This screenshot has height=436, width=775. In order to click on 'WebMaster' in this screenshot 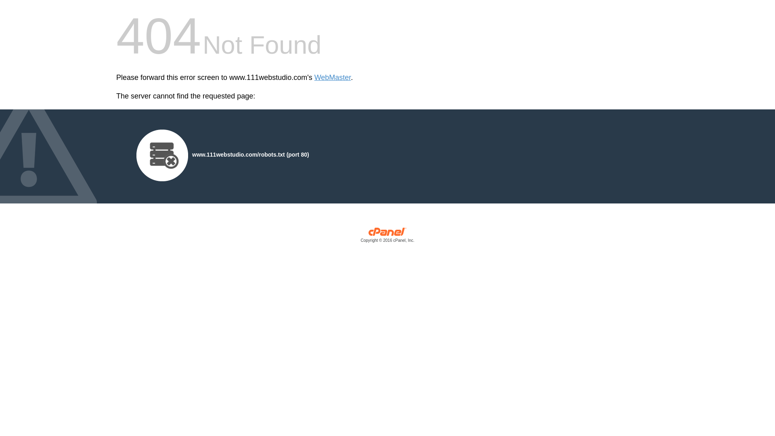, I will do `click(333, 78)`.